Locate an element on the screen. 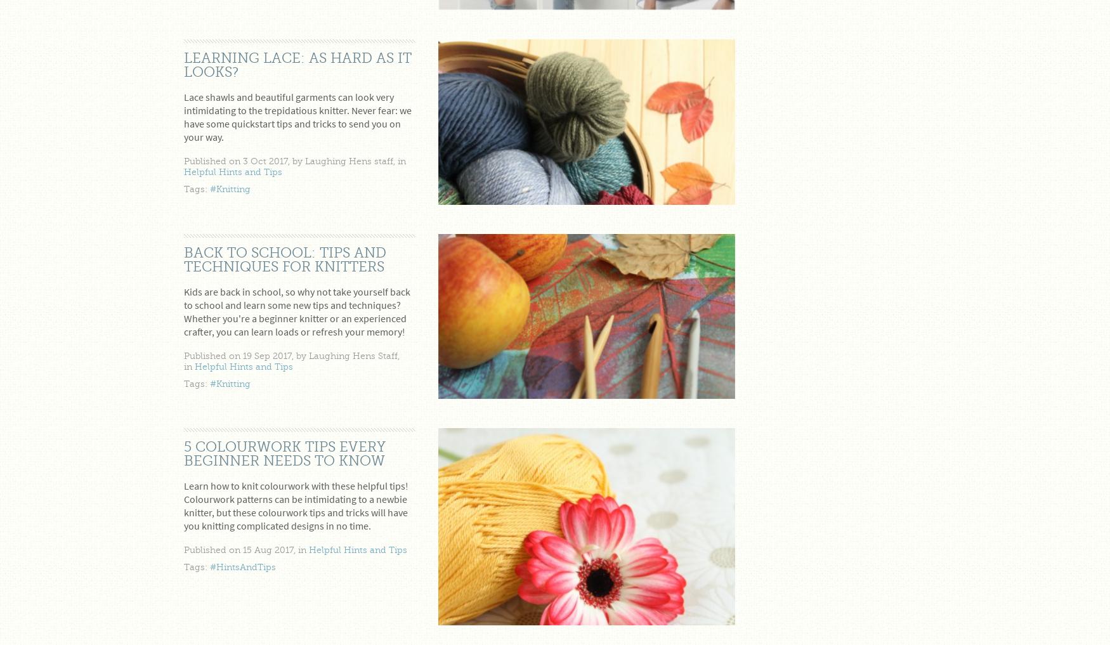 This screenshot has width=1110, height=645. 'Published on 3 Oct 2017, by Laughing Hens staff, in' is located at coordinates (294, 160).